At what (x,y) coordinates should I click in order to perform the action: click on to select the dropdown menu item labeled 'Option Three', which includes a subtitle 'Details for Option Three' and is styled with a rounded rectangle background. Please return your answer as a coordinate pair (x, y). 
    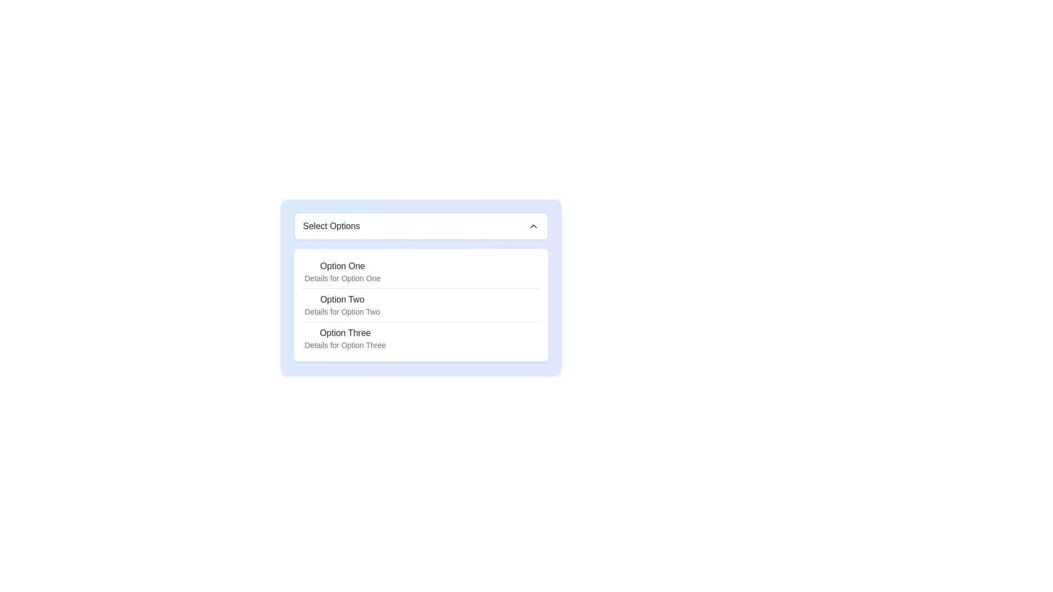
    Looking at the image, I should click on (420, 338).